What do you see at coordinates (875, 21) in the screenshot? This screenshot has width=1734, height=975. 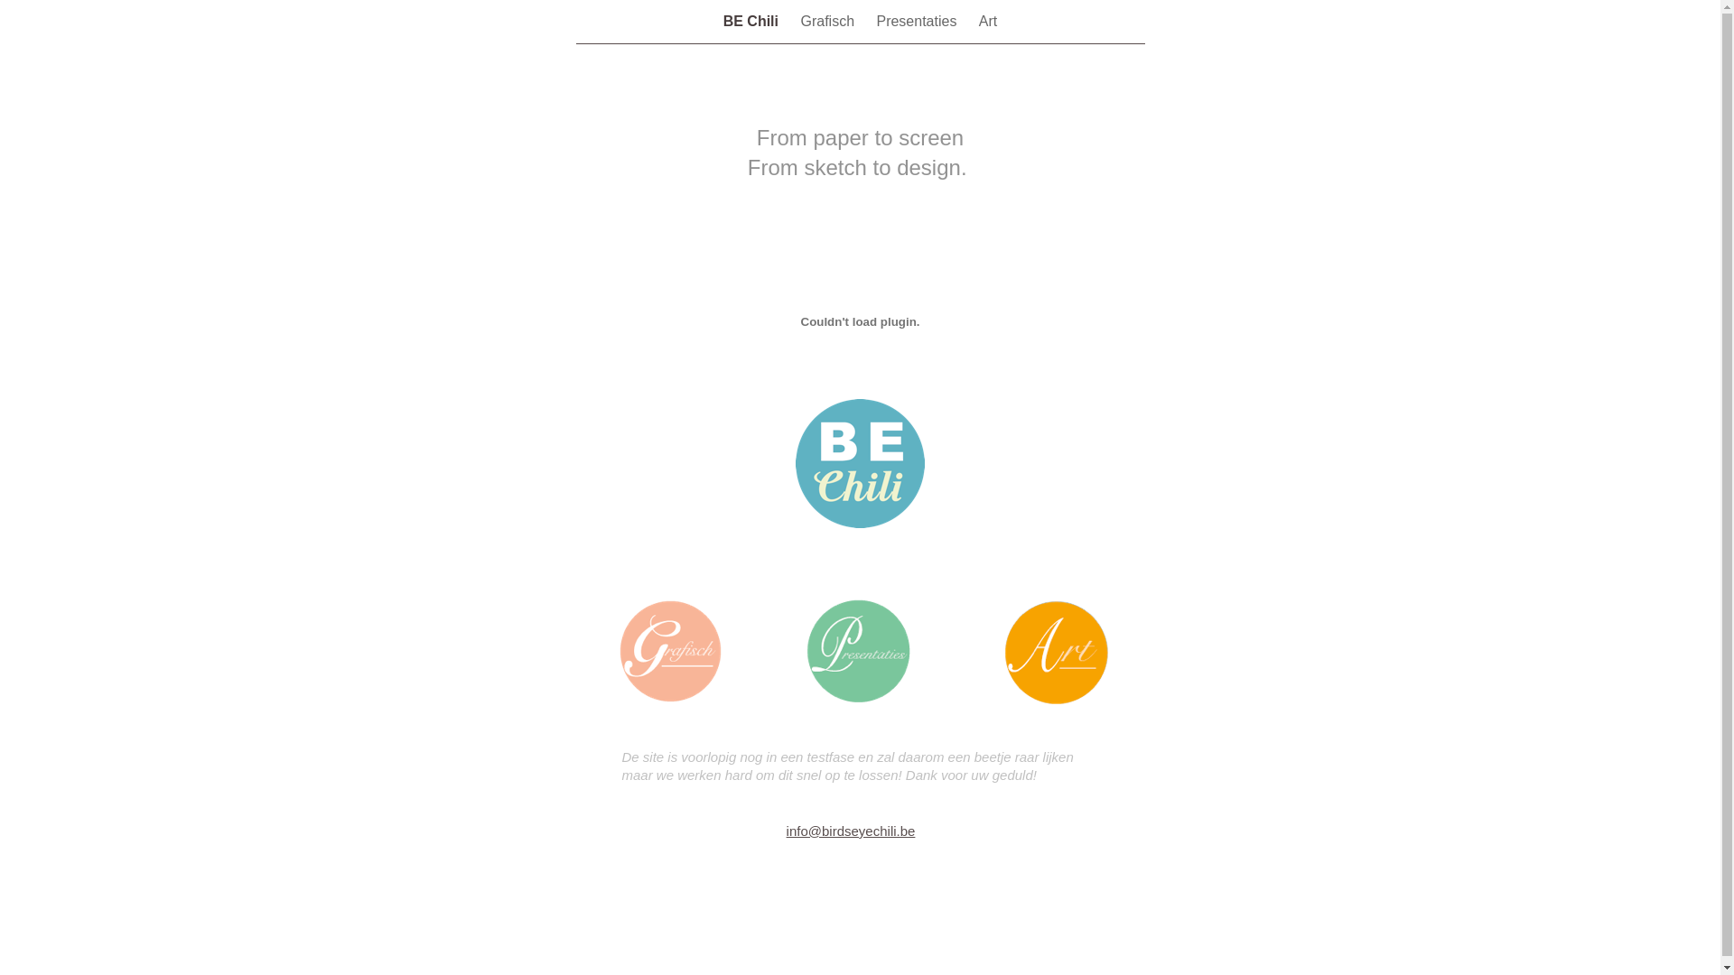 I see `'Presentaties'` at bounding box center [875, 21].